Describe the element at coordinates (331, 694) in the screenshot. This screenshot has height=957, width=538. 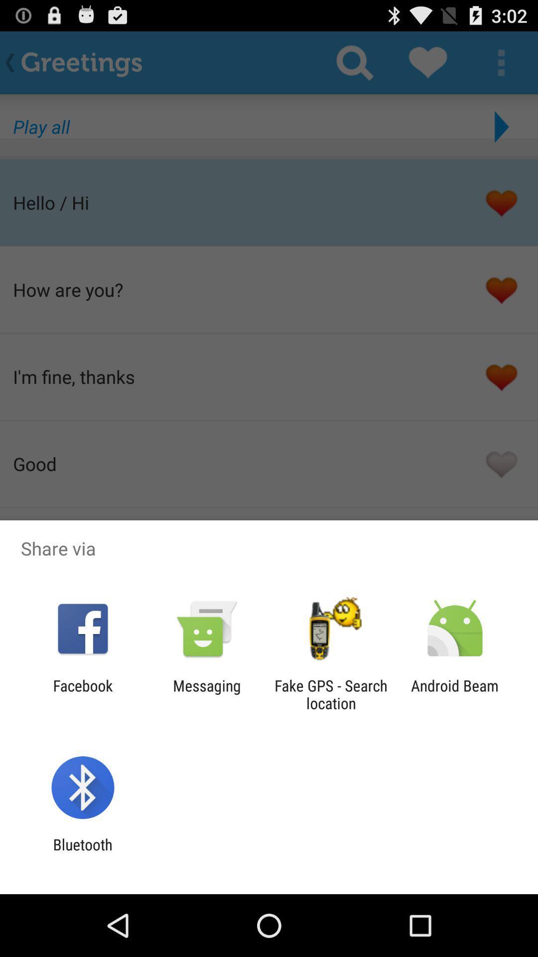
I see `the fake gps search icon` at that location.